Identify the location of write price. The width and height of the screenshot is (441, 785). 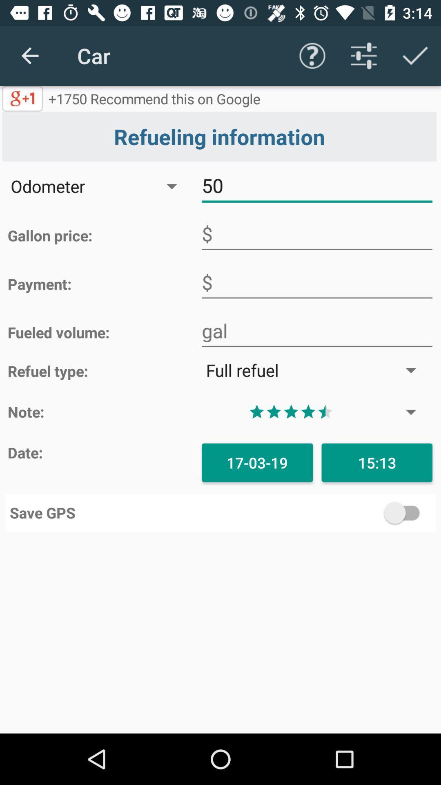
(316, 233).